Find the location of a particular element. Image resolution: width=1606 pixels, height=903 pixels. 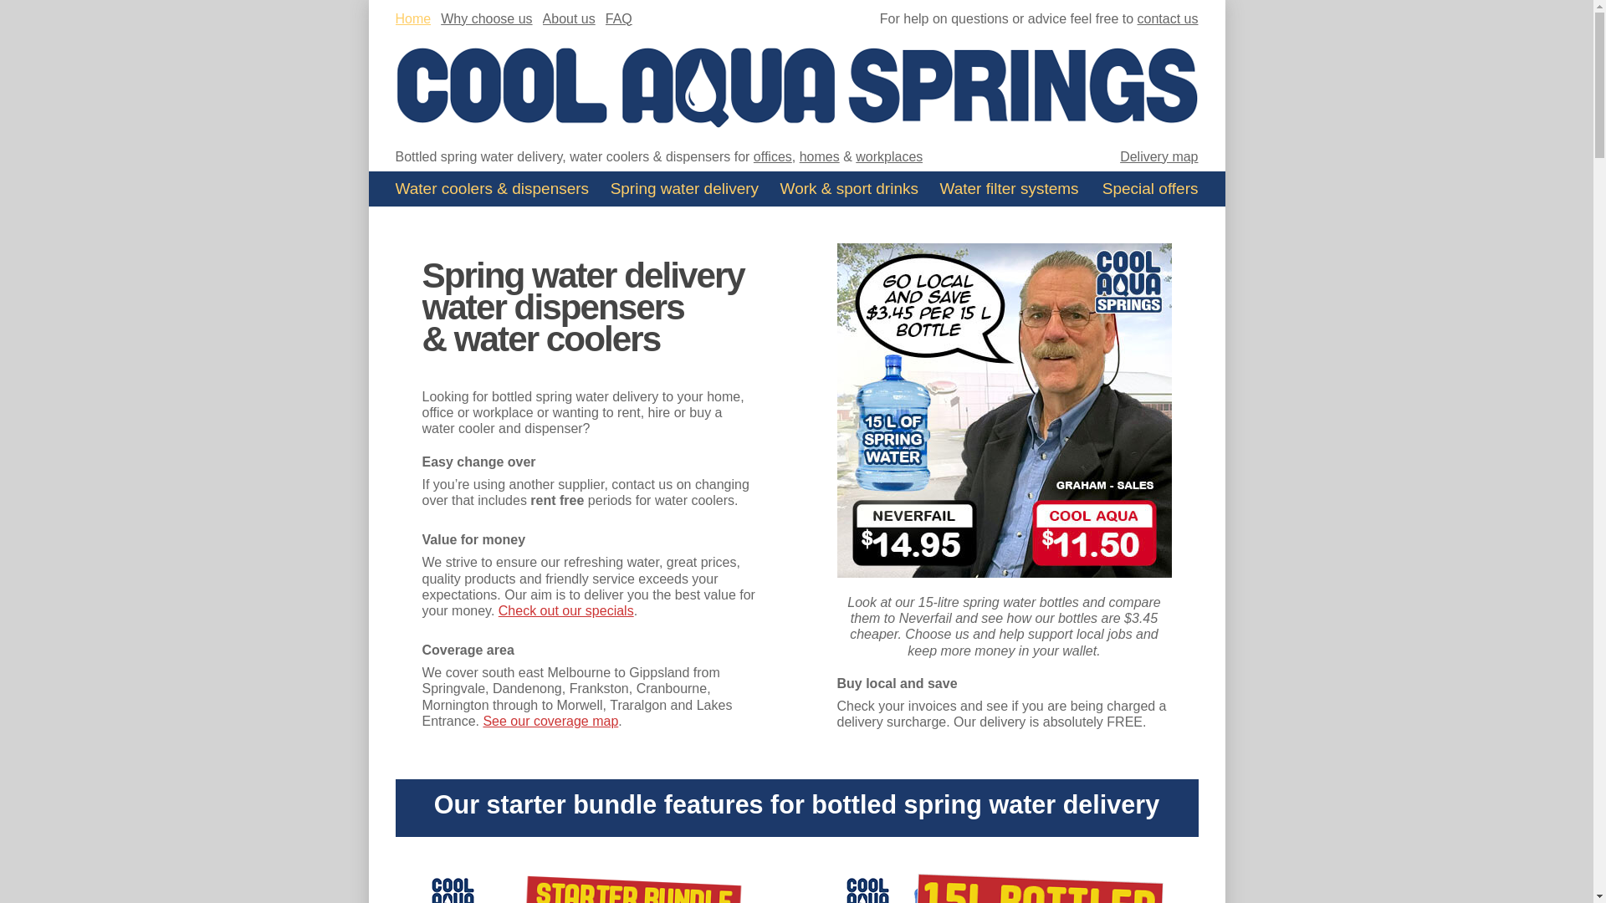

'workplaces' is located at coordinates (887, 156).